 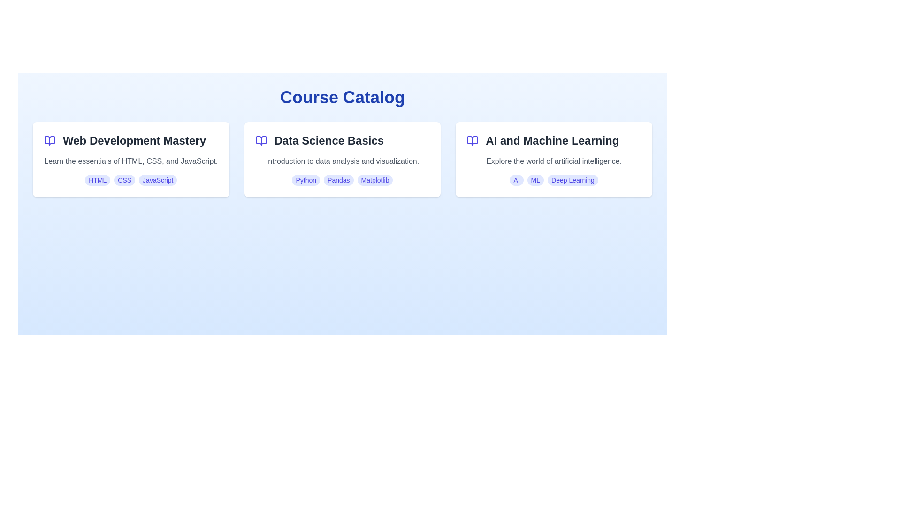 What do you see at coordinates (572, 180) in the screenshot?
I see `the 'Deep Learning' tag, which is a small rounded rectangle with a light-indigo background and bold indigo text` at bounding box center [572, 180].